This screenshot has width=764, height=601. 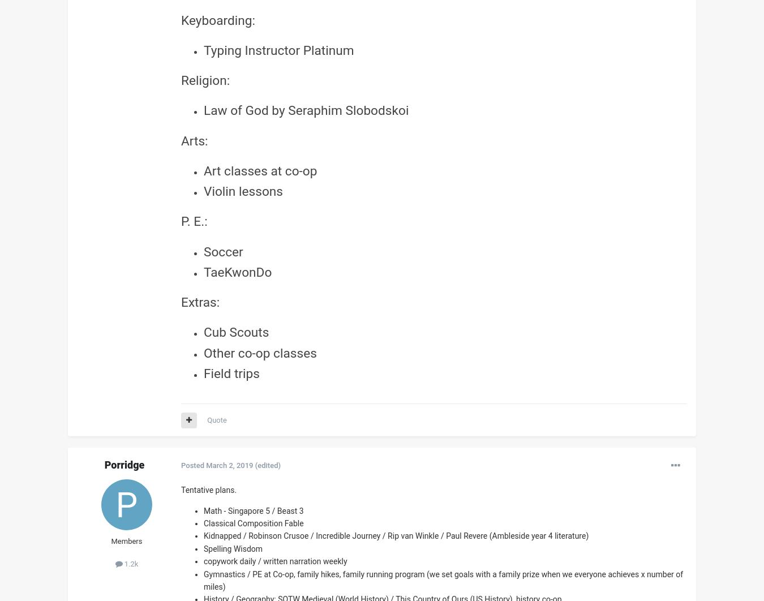 I want to click on 'Art classes at co-op', so click(x=259, y=170).